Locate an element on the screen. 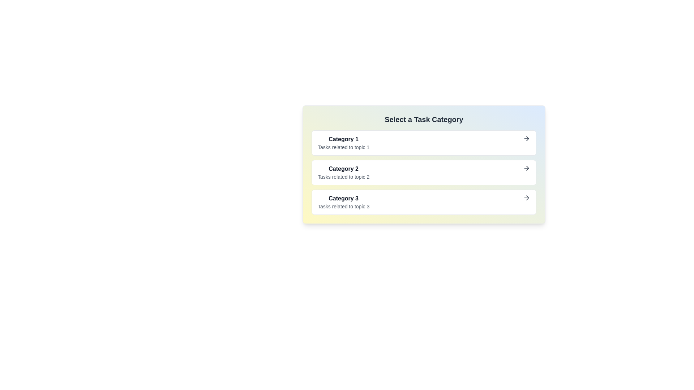 This screenshot has height=390, width=694. the first text label that serves as the title for the first category in the task selection interface is located at coordinates (343, 139).